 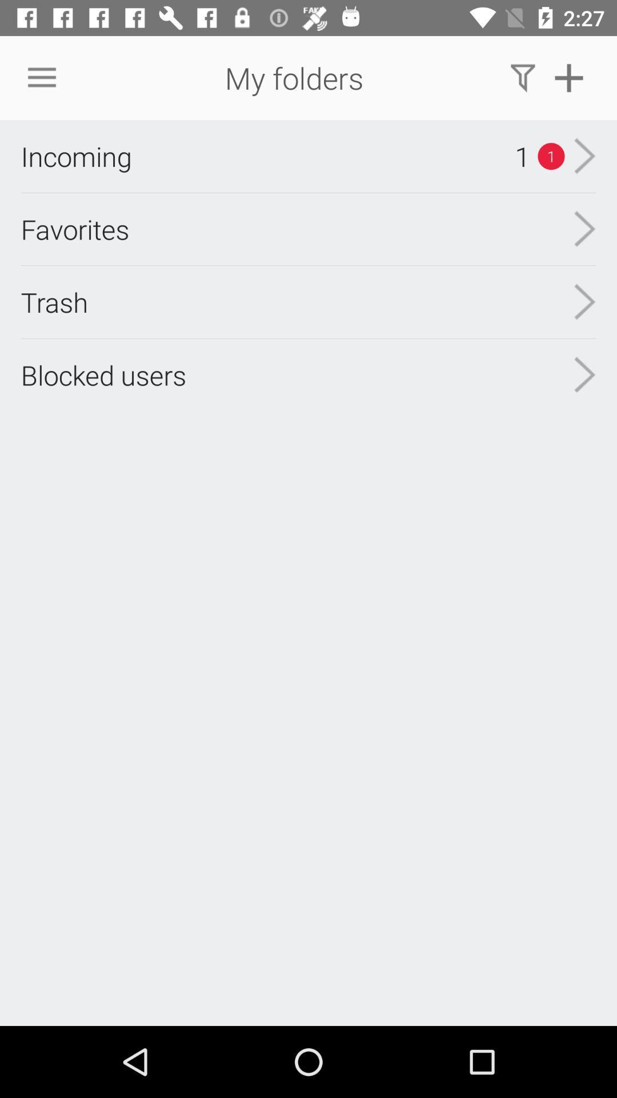 What do you see at coordinates (76, 156) in the screenshot?
I see `icon to the left of 1` at bounding box center [76, 156].